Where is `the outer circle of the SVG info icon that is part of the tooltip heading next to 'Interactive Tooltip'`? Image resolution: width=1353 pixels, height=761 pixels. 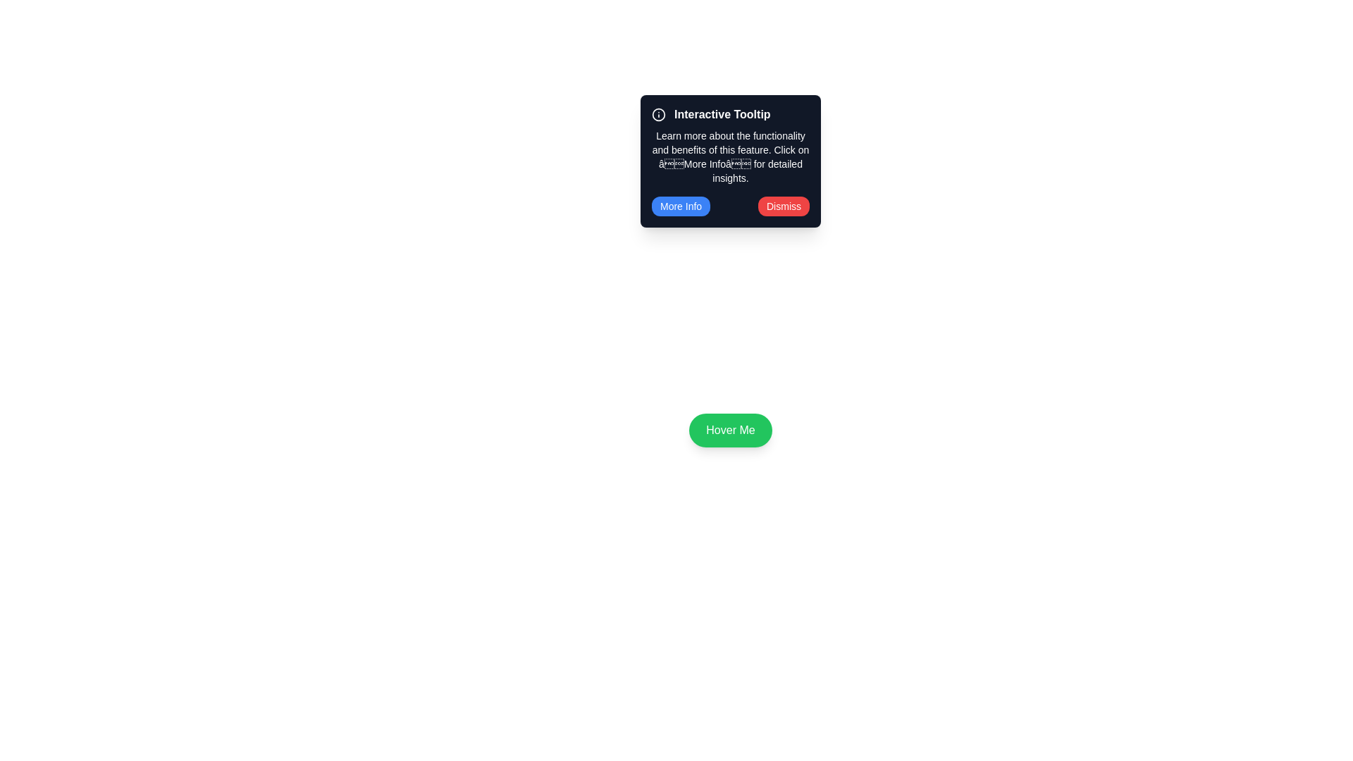 the outer circle of the SVG info icon that is part of the tooltip heading next to 'Interactive Tooltip' is located at coordinates (658, 113).